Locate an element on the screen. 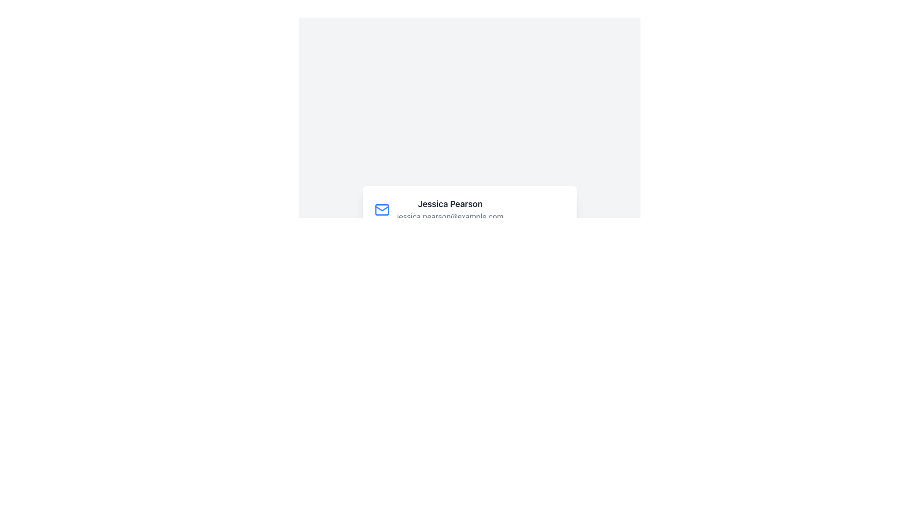 The height and width of the screenshot is (514, 915). email address displayed for 'Jessica Pearson', which is located directly beneath the name and to the right of the envelope icon is located at coordinates (450, 216).